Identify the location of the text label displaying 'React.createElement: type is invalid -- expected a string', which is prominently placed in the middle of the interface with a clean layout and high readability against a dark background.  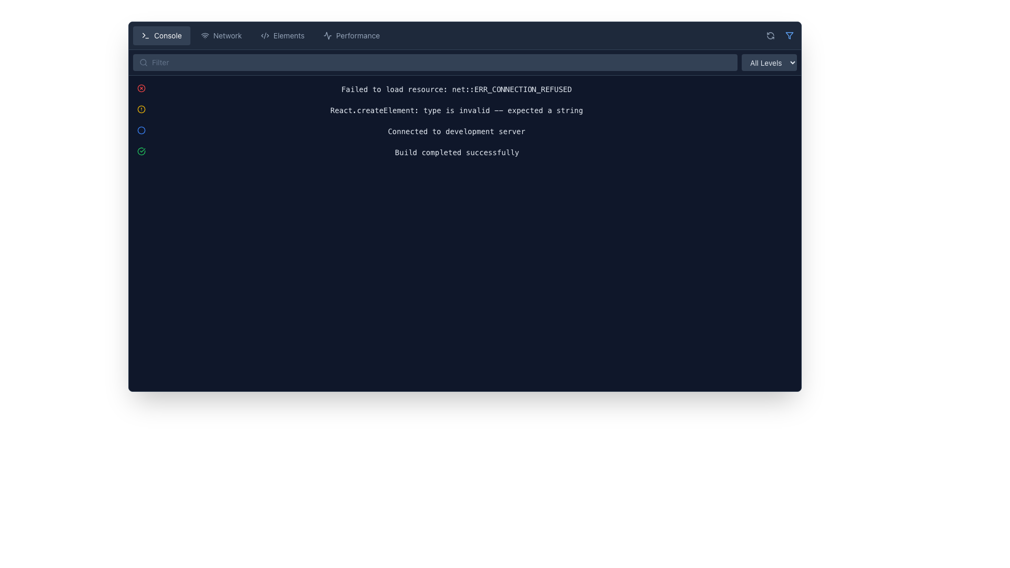
(457, 110).